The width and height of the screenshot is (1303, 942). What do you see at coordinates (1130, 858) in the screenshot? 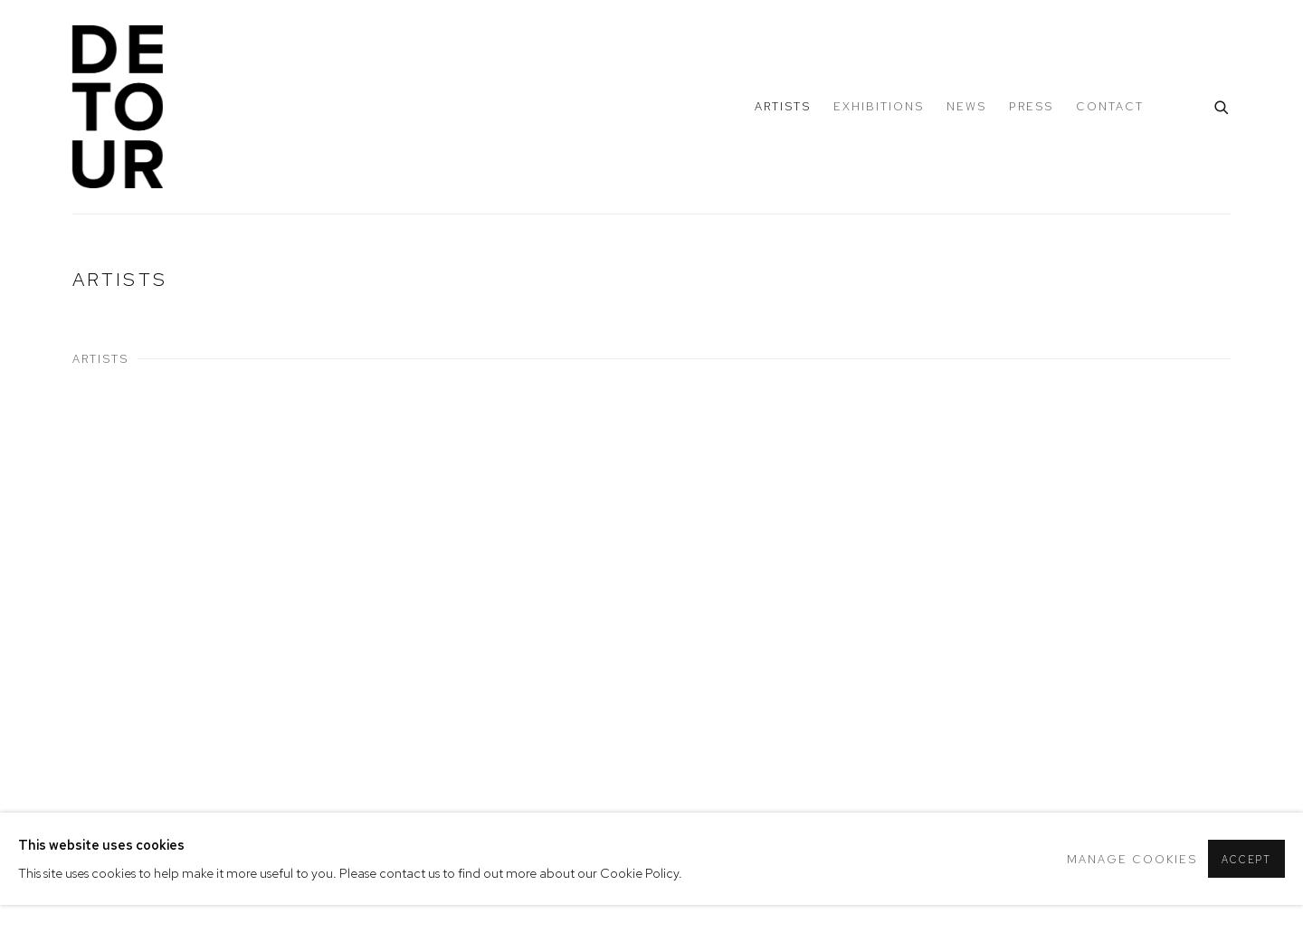
I see `'Manage cookies'` at bounding box center [1130, 858].